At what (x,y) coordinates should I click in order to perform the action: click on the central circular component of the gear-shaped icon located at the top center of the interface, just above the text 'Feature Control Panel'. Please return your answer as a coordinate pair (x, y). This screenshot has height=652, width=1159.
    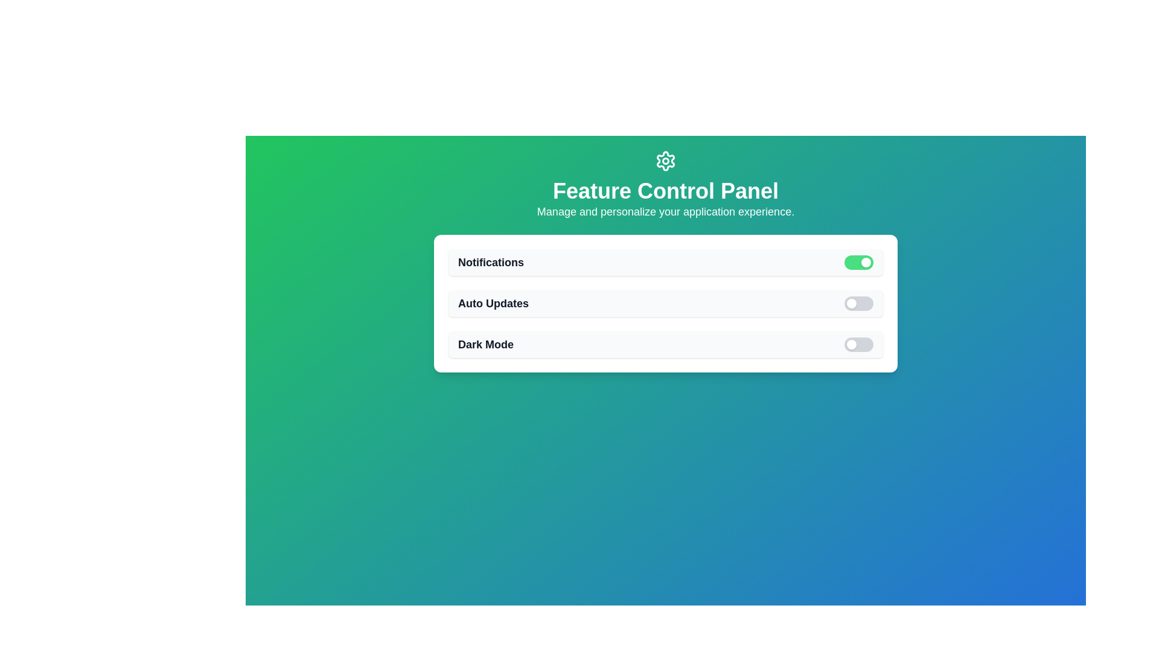
    Looking at the image, I should click on (665, 160).